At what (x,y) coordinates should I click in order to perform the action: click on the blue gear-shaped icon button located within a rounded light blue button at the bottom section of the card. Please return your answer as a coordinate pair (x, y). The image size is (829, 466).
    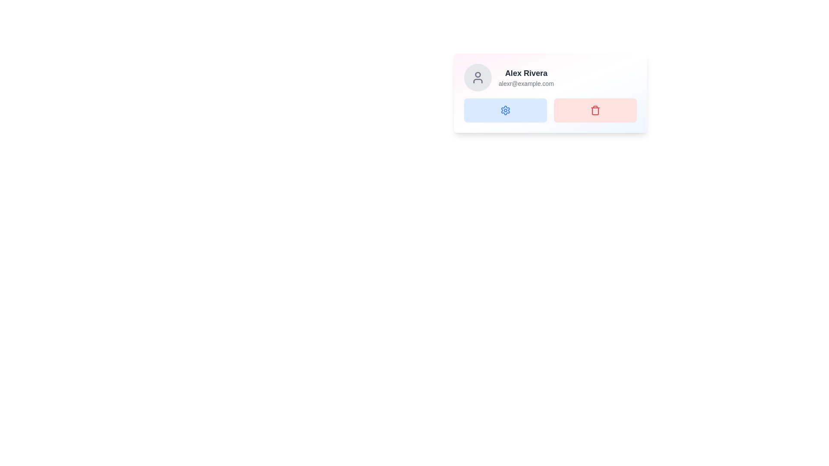
    Looking at the image, I should click on (506, 110).